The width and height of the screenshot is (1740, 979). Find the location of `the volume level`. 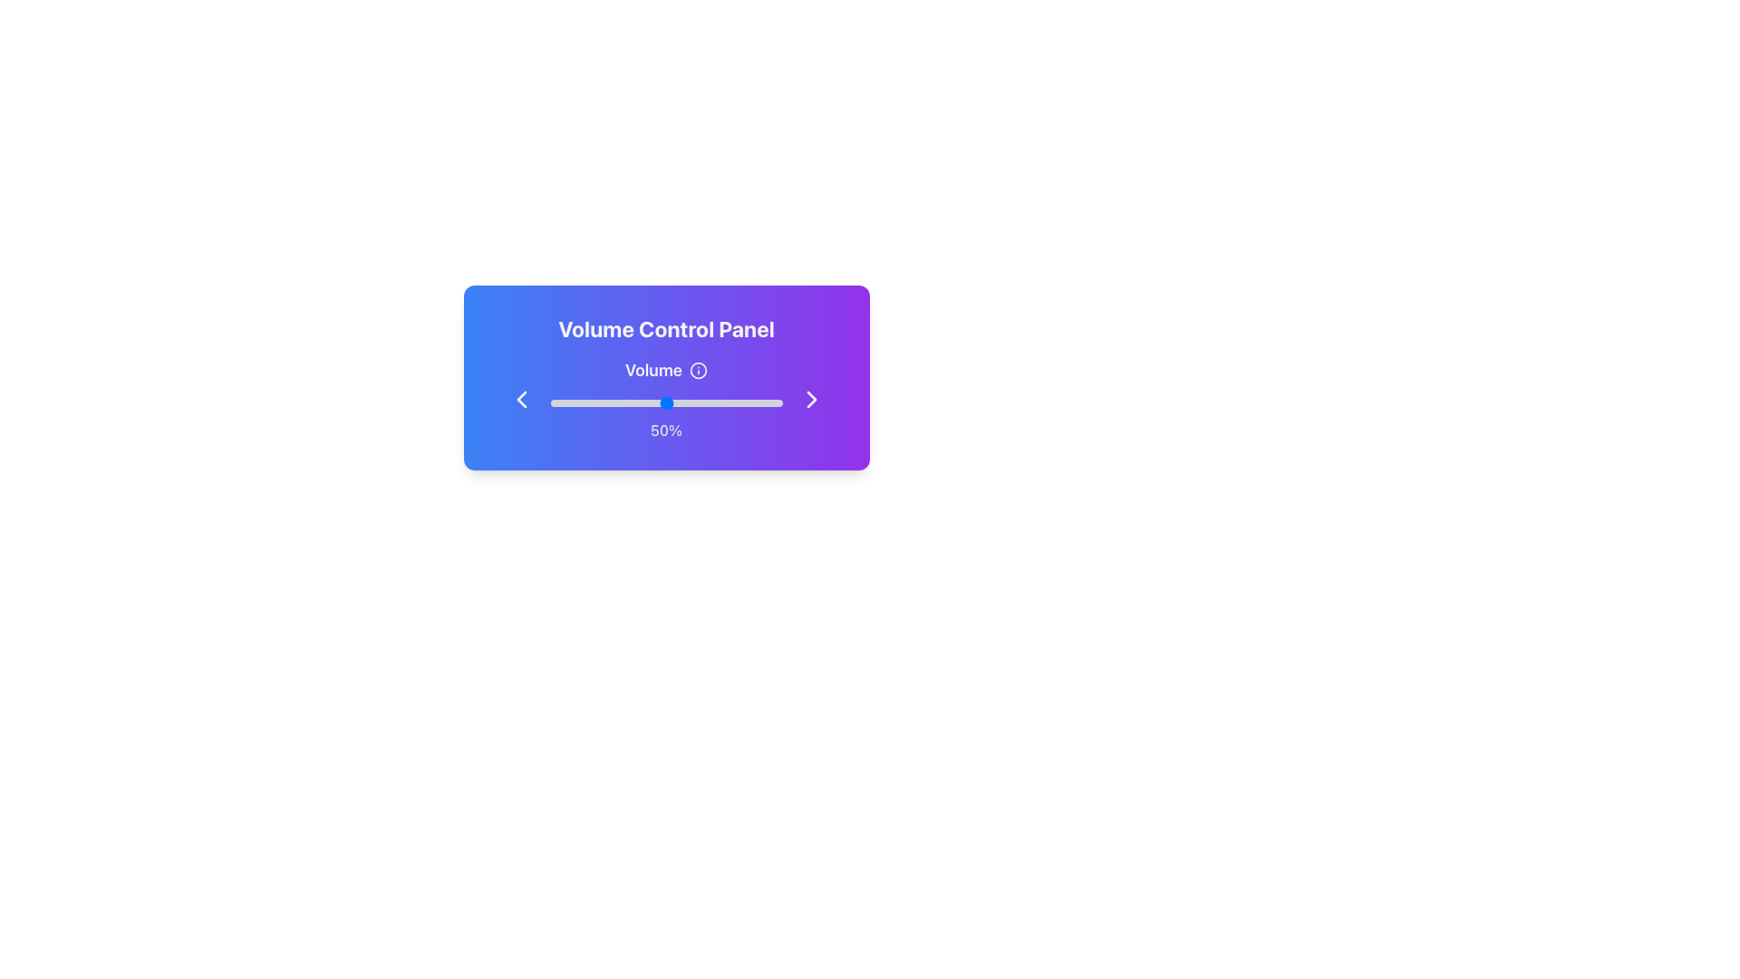

the volume level is located at coordinates (761, 402).